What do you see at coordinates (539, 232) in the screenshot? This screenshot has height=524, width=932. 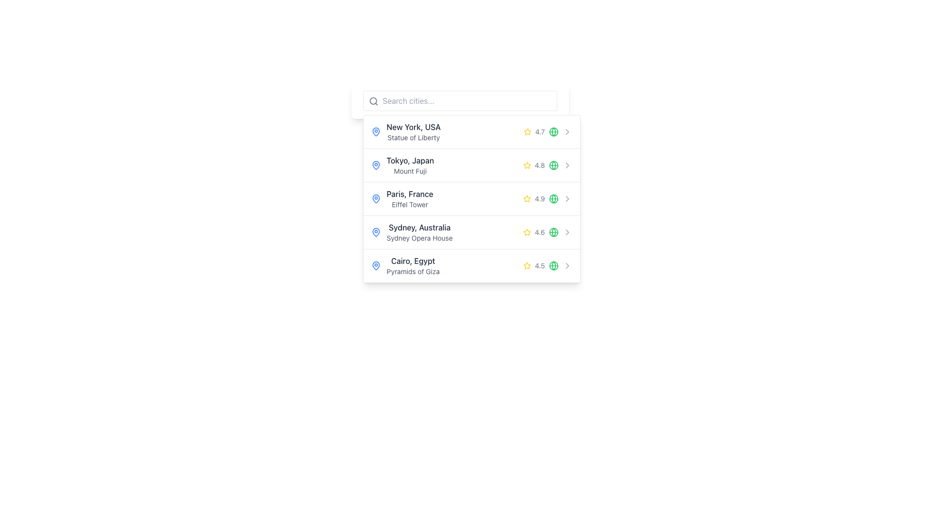 I see `the text label displaying the numerical rating for Sydney, Australia, located towards the right-hand side of the list item` at bounding box center [539, 232].